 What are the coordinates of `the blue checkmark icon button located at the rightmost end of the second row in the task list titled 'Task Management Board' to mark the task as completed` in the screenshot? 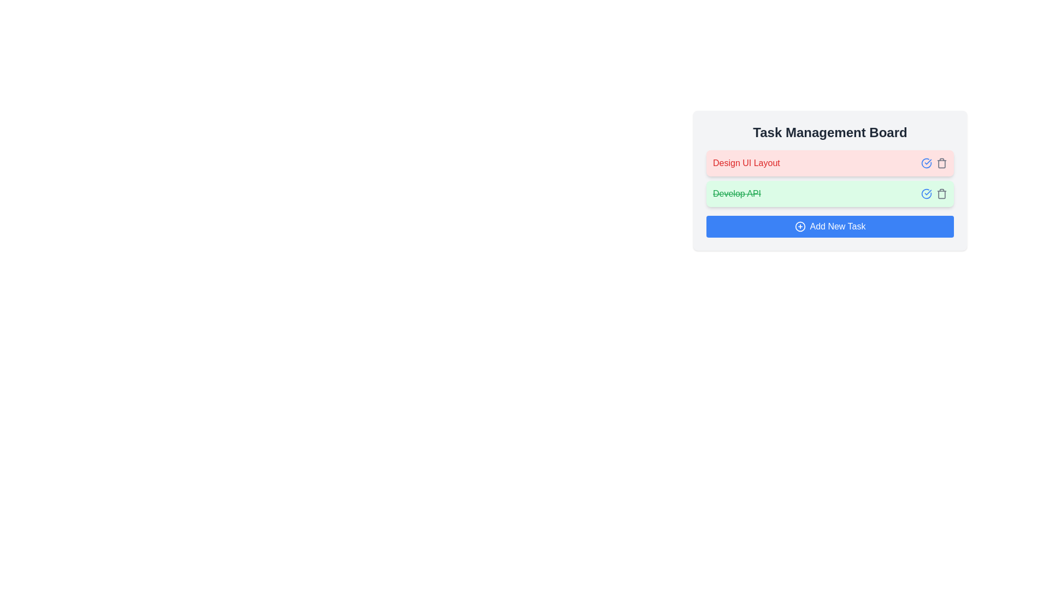 It's located at (926, 163).